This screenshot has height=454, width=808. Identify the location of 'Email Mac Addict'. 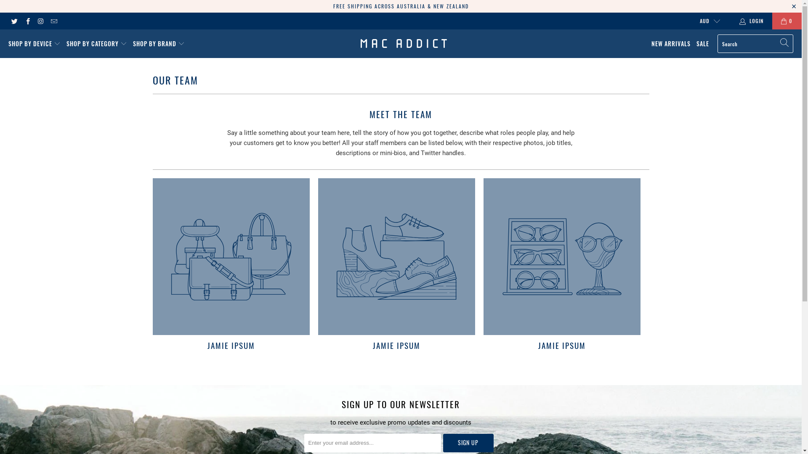
(53, 21).